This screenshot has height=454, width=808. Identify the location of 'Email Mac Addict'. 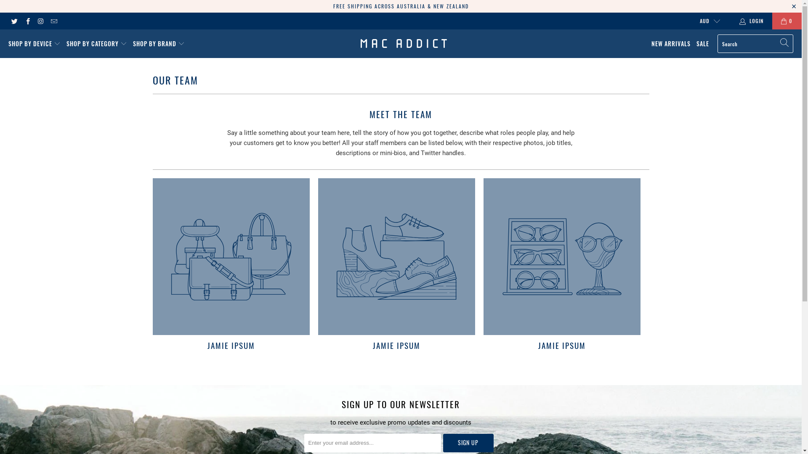
(53, 21).